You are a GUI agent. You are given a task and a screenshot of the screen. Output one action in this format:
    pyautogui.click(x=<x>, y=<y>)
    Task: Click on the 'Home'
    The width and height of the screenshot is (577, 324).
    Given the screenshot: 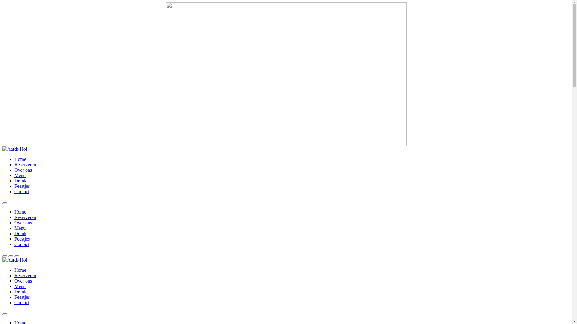 What is the action you would take?
    pyautogui.click(x=14, y=159)
    